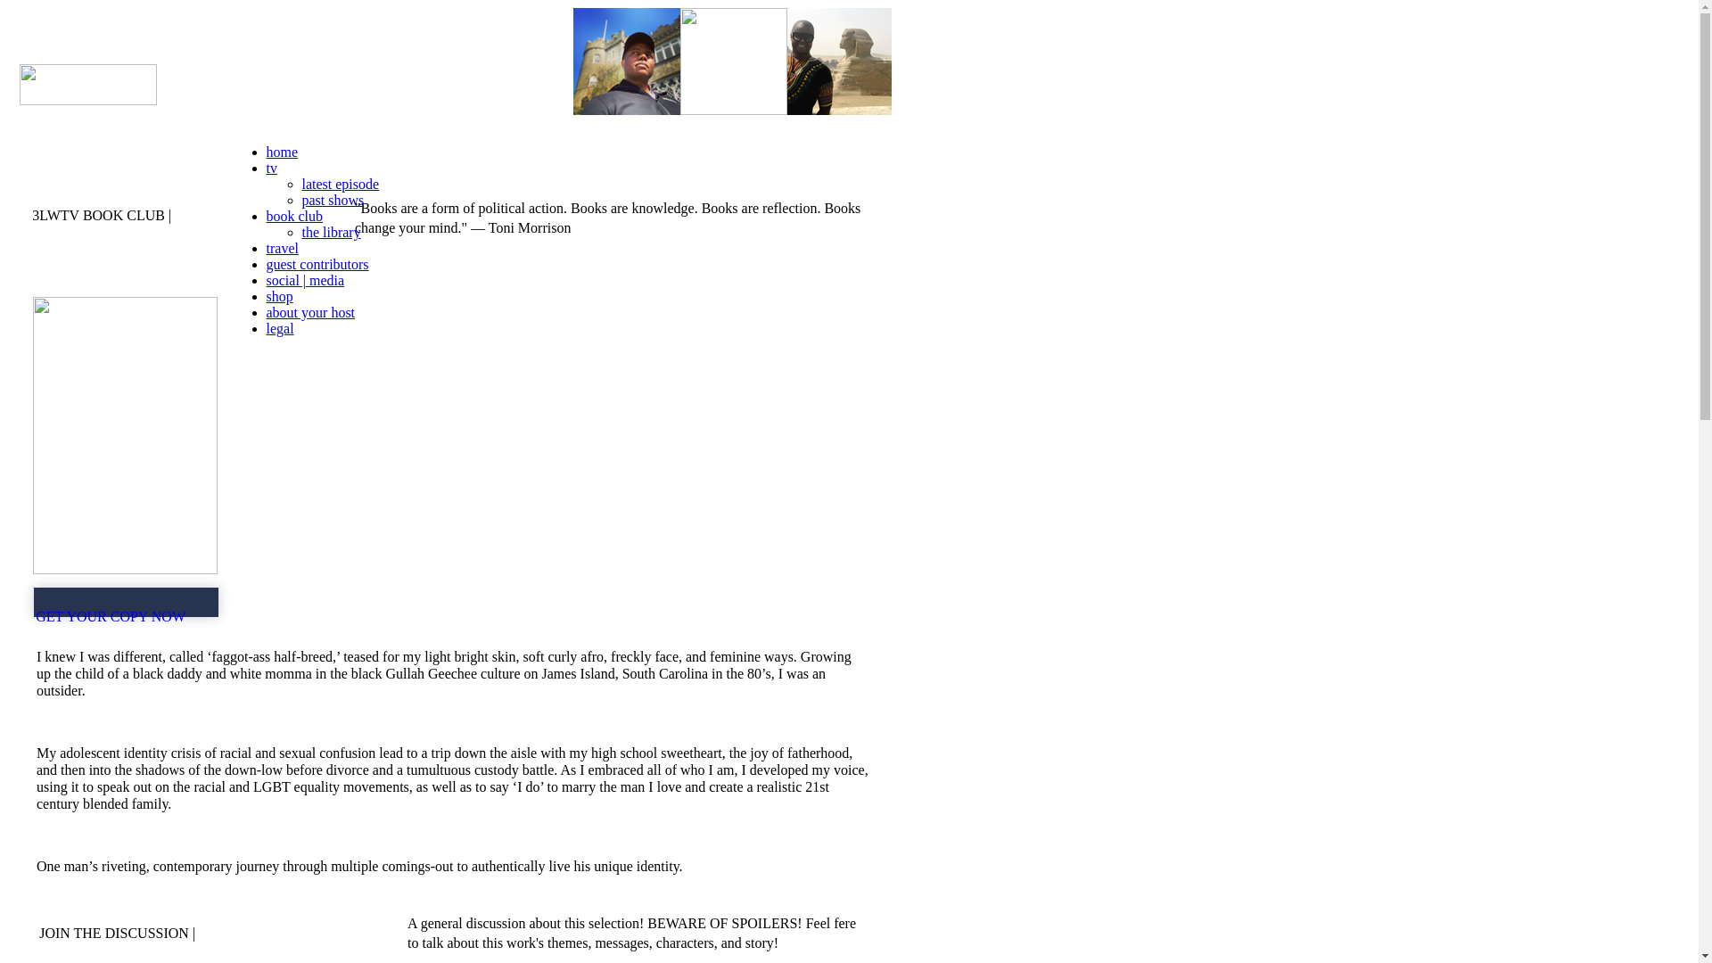 The image size is (1712, 963). What do you see at coordinates (264, 248) in the screenshot?
I see `'travel'` at bounding box center [264, 248].